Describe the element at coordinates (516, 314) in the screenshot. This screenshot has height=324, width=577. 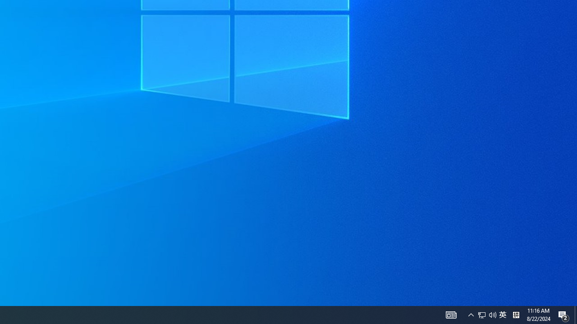
I see `'Tray Input Indicator - Chinese (Simplified, China)'` at that location.